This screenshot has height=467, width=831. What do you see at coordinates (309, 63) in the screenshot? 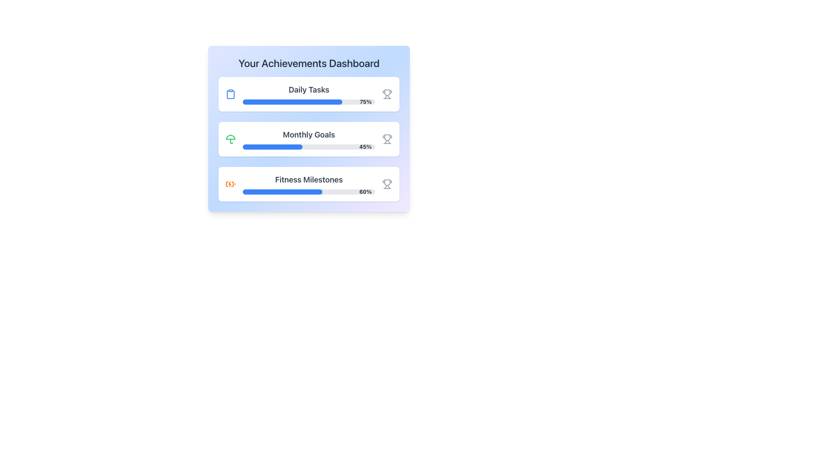
I see `the header text that indicates the purpose of the dashboard showcasing achievements and progress metrics` at bounding box center [309, 63].